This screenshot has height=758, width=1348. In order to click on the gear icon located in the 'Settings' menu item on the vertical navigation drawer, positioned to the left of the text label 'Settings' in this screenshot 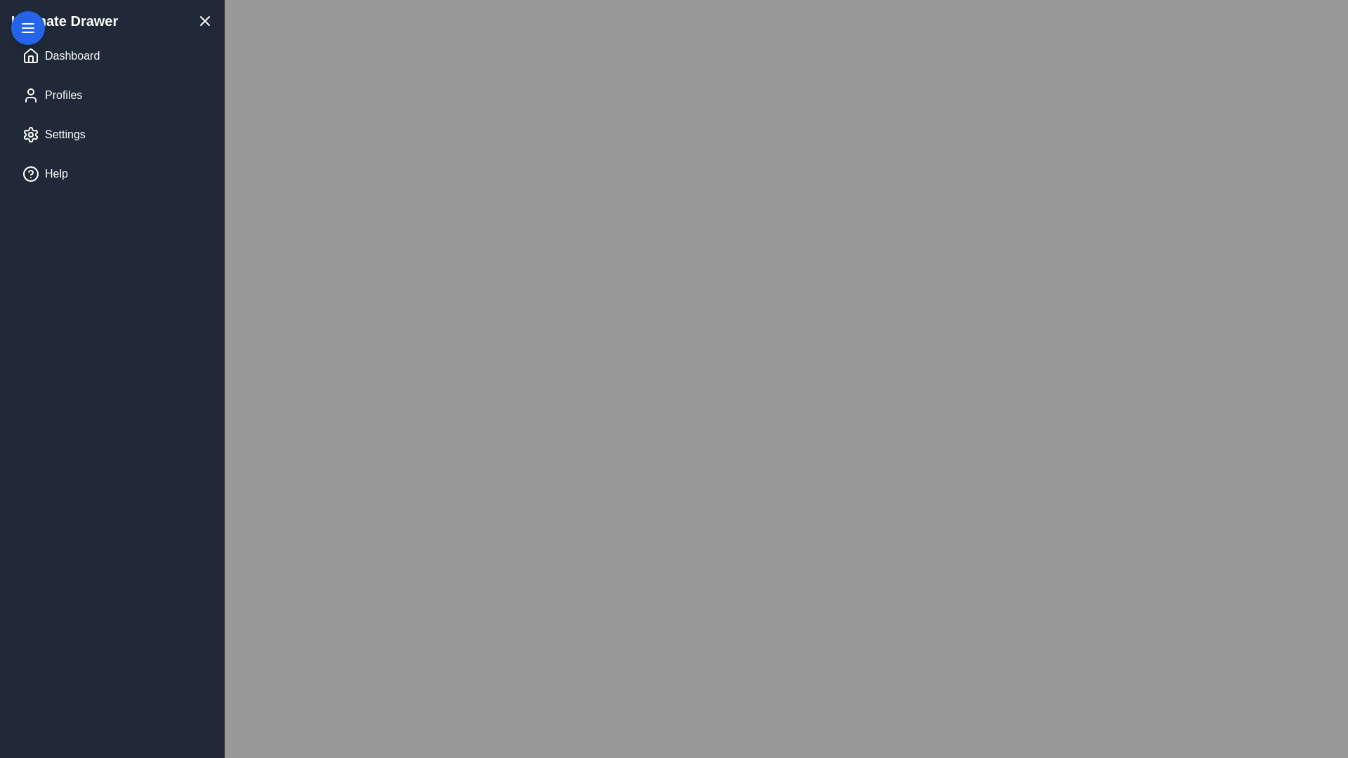, I will do `click(30, 135)`.